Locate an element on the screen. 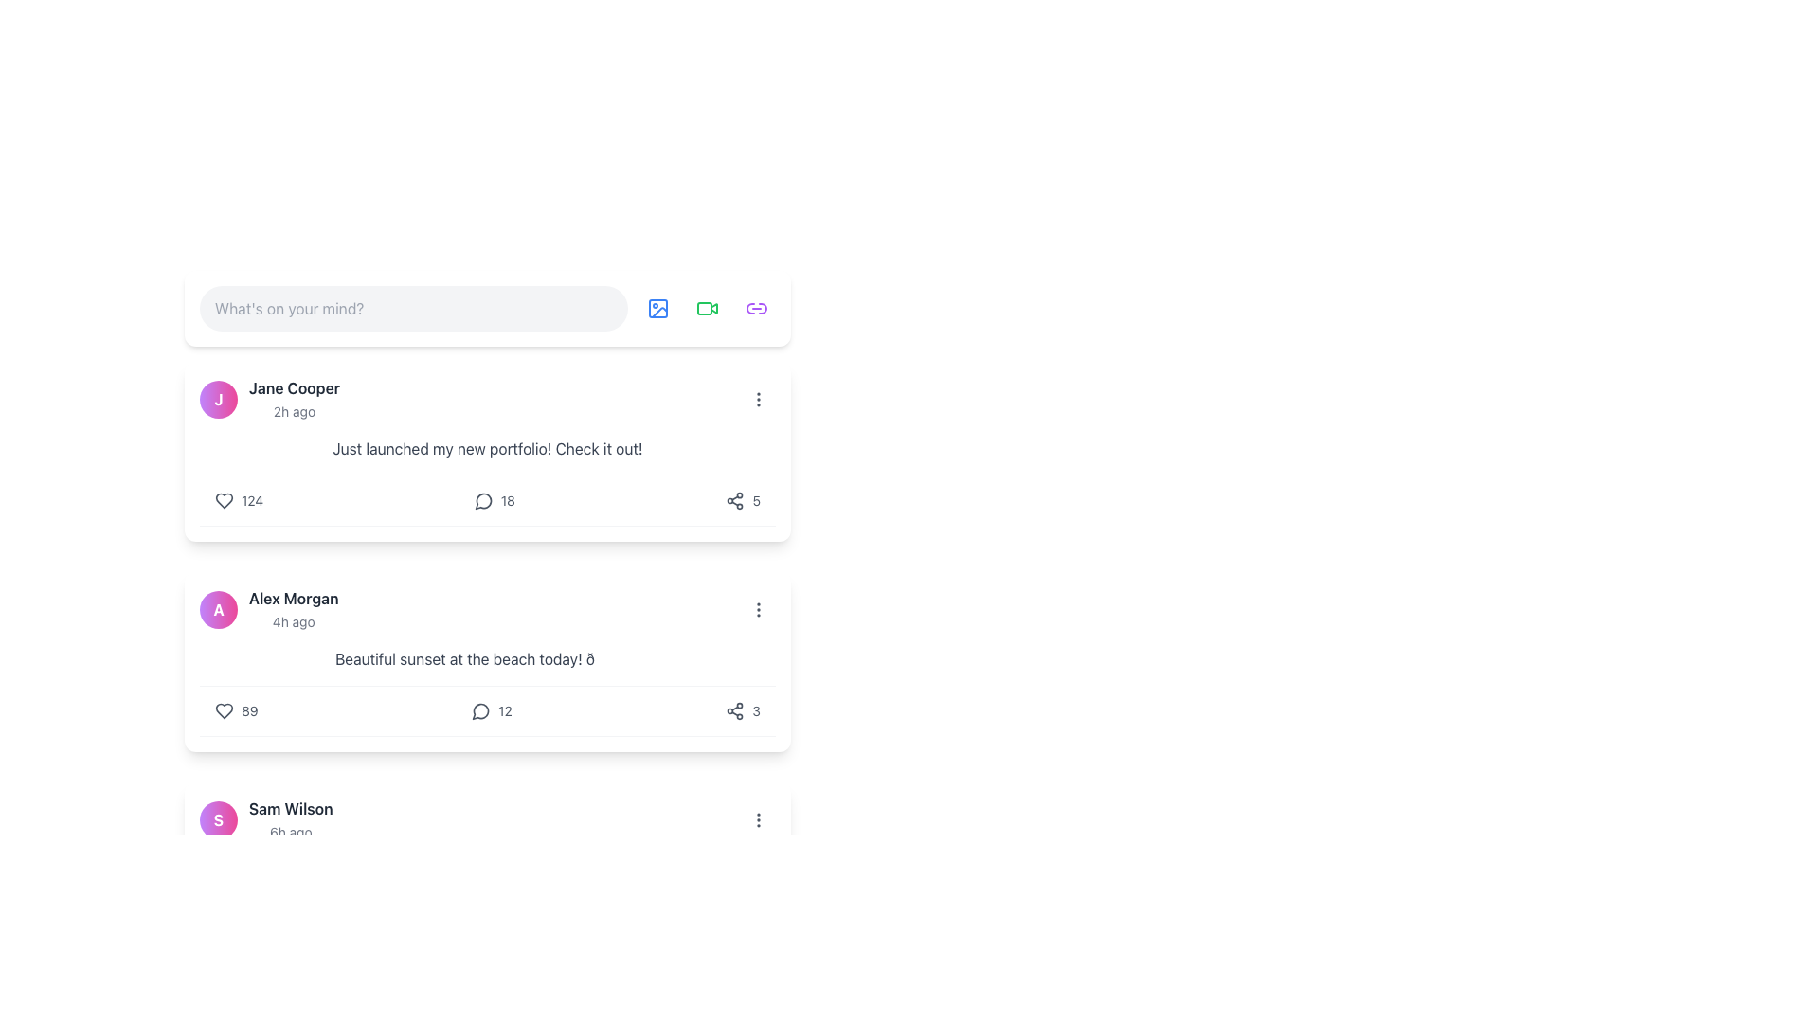  the interactive element combining a gray speech bubble icon and the text '18' is located at coordinates (495, 499).